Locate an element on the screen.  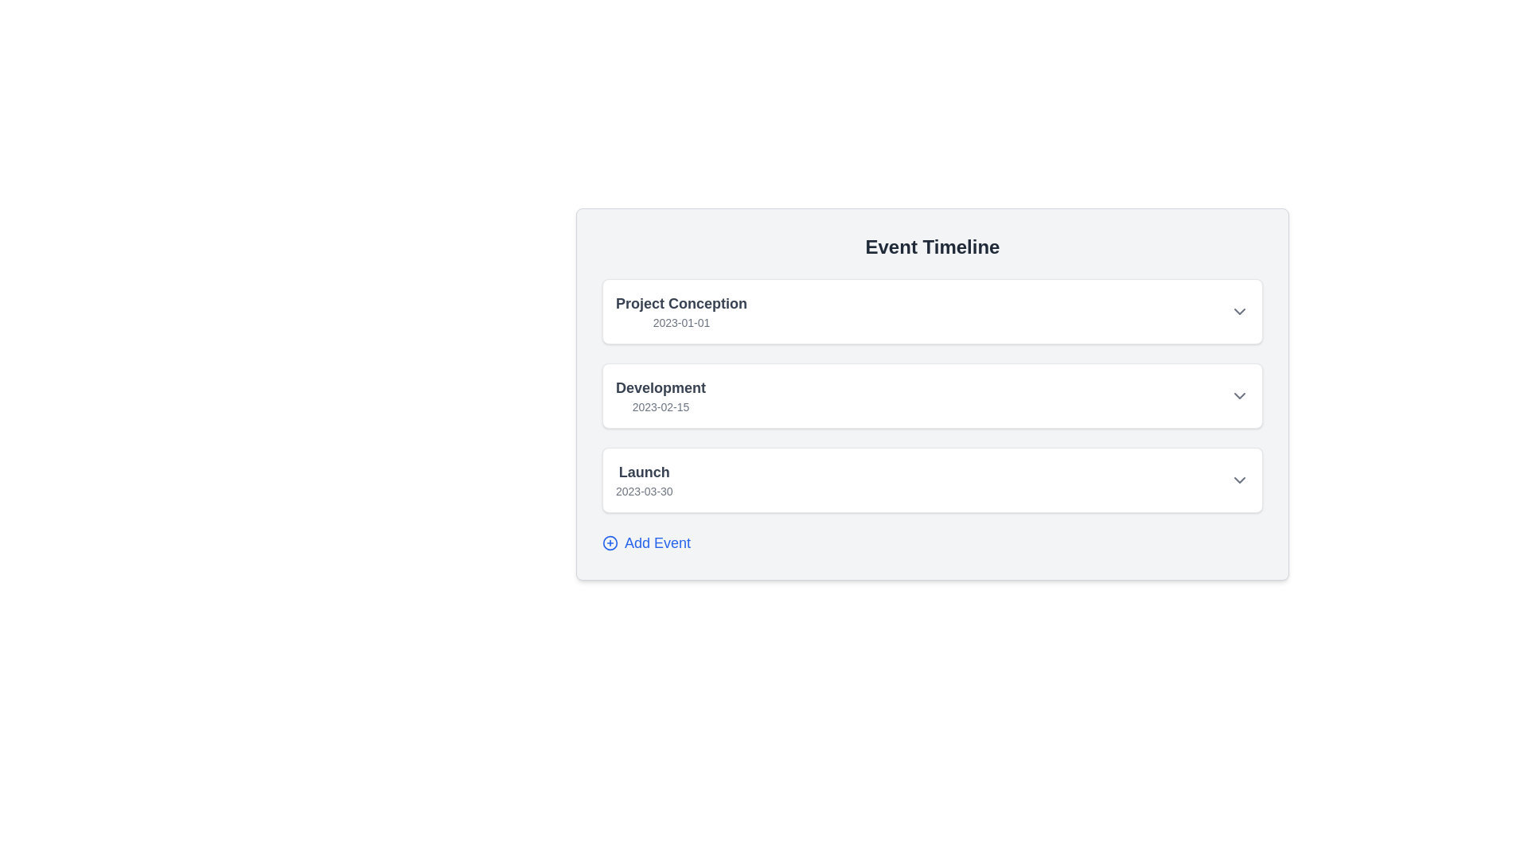
the date display label for the 'Project Conception' milestone located below the 'Project Conception' header in the 'Event Timeline' section to check for any interactive actions is located at coordinates (681, 322).